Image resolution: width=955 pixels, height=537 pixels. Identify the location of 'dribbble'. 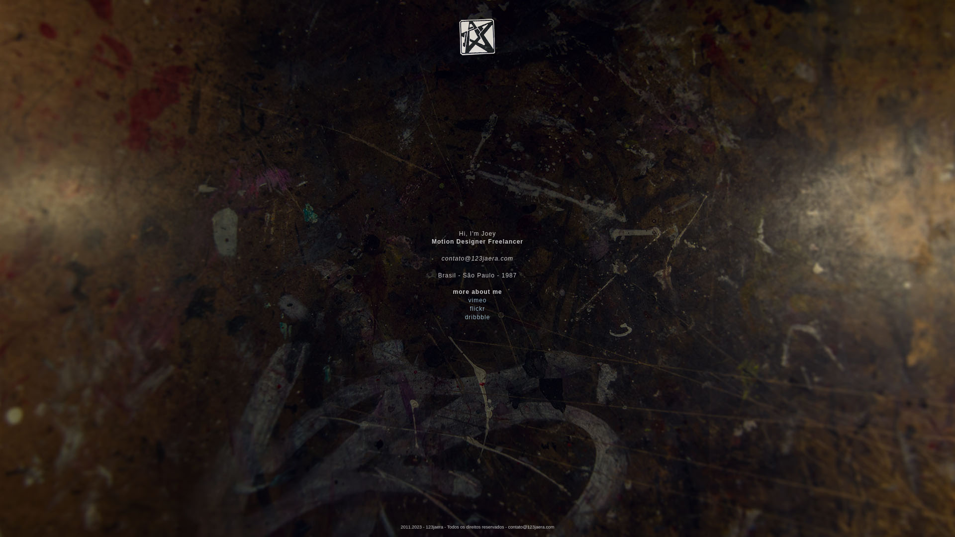
(477, 317).